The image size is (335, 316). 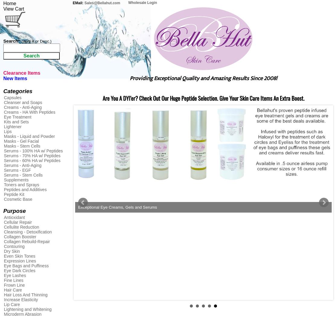 I want to click on 'Eye Dark Circles', so click(x=4, y=271).